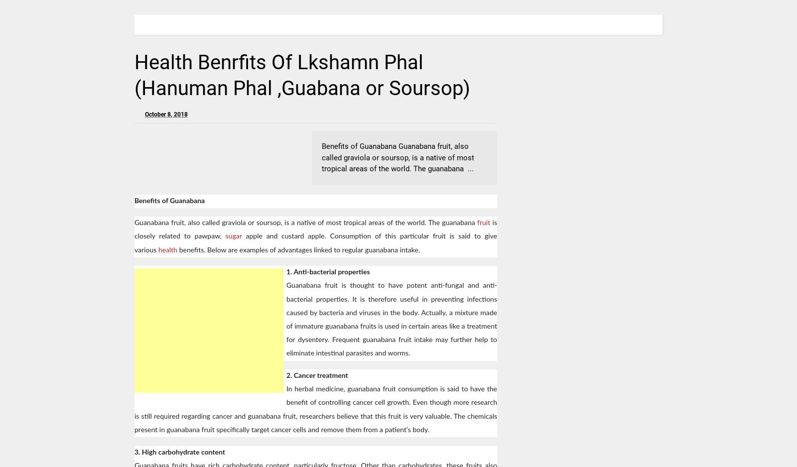 Image resolution: width=797 pixels, height=467 pixels. I want to click on 'In herbal medicine, guanabana fruit consumption is said to have the benefit of controlling cancer cell growth. Even though more research is still required regarding cancer and guanabana fruit, researchers believe that this fruit is very valuable. The chemicals present in guanabana fruit specifically target cancer cells and remove them from a patient’s body.', so click(134, 409).